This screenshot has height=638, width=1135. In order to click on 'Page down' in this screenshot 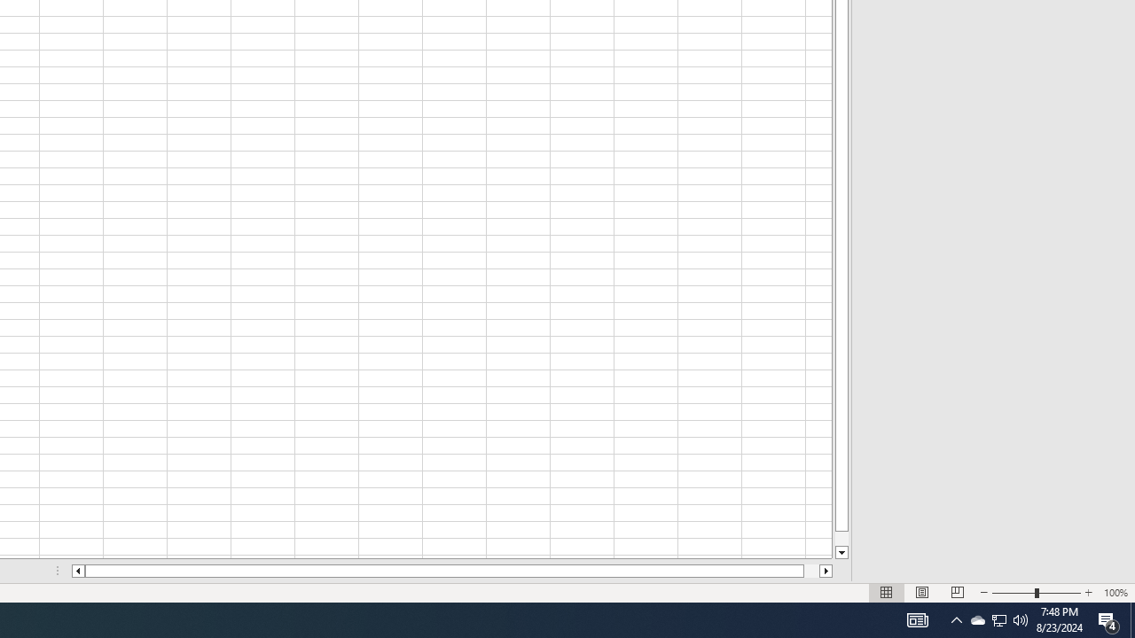, I will do `click(841, 538)`.